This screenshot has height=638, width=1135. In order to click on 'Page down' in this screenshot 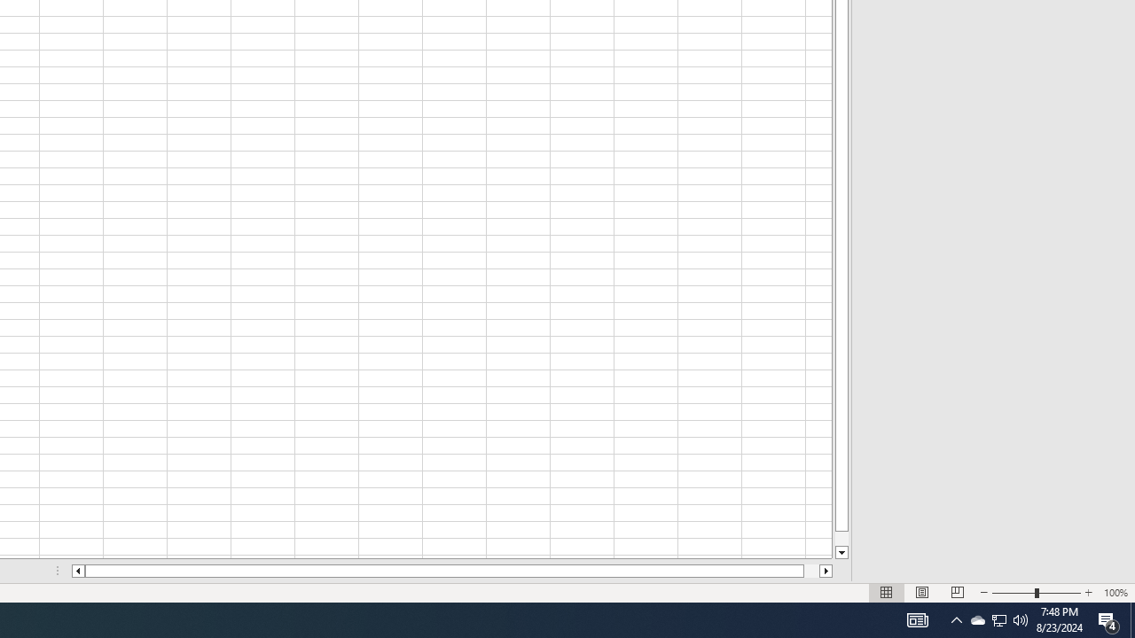, I will do `click(841, 538)`.